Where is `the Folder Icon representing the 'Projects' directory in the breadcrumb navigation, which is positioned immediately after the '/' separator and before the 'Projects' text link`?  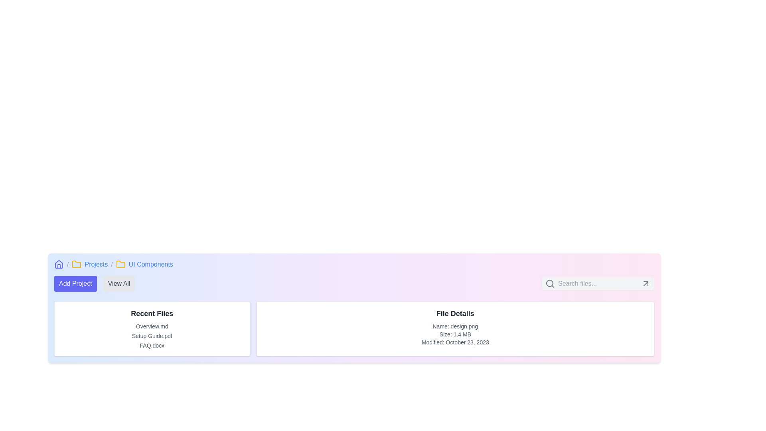 the Folder Icon representing the 'Projects' directory in the breadcrumb navigation, which is positioned immediately after the '/' separator and before the 'Projects' text link is located at coordinates (77, 265).